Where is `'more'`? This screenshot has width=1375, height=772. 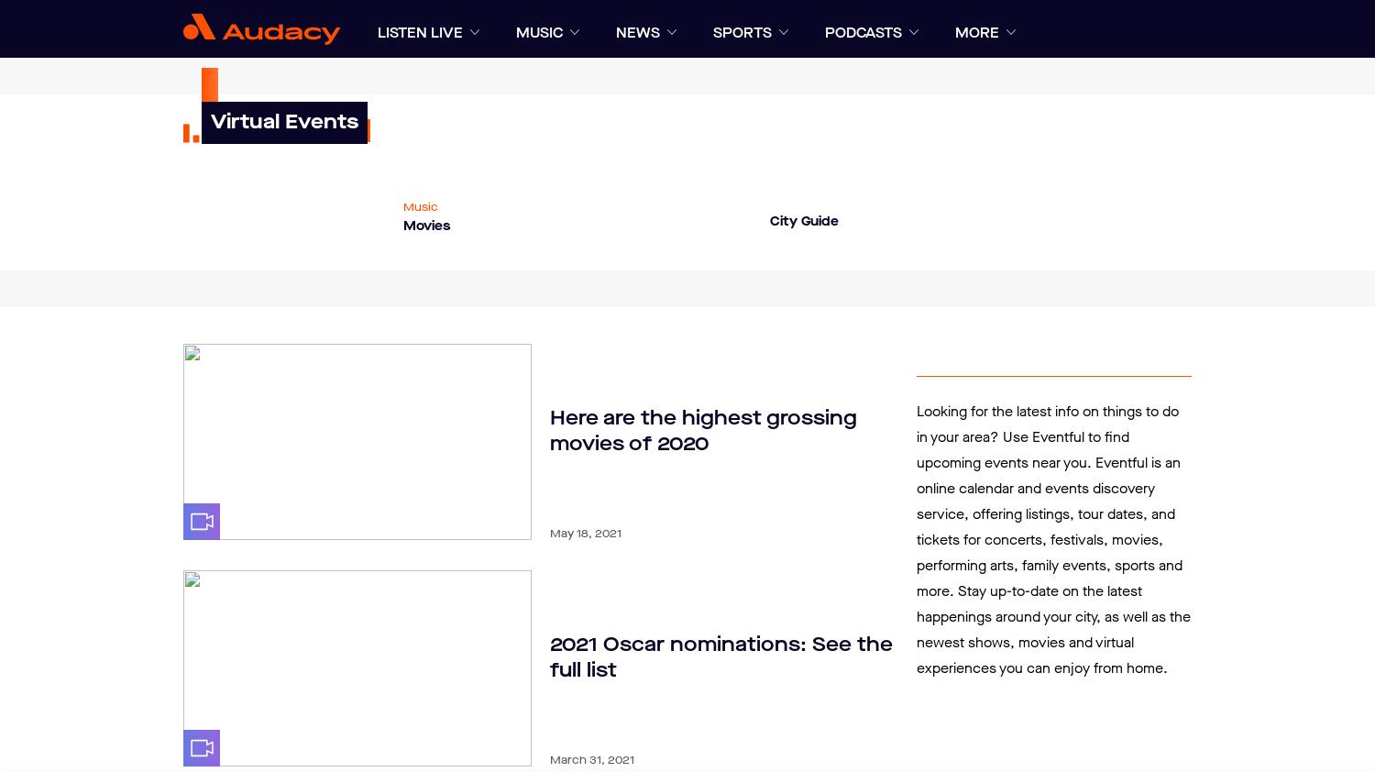
'more' is located at coordinates (976, 32).